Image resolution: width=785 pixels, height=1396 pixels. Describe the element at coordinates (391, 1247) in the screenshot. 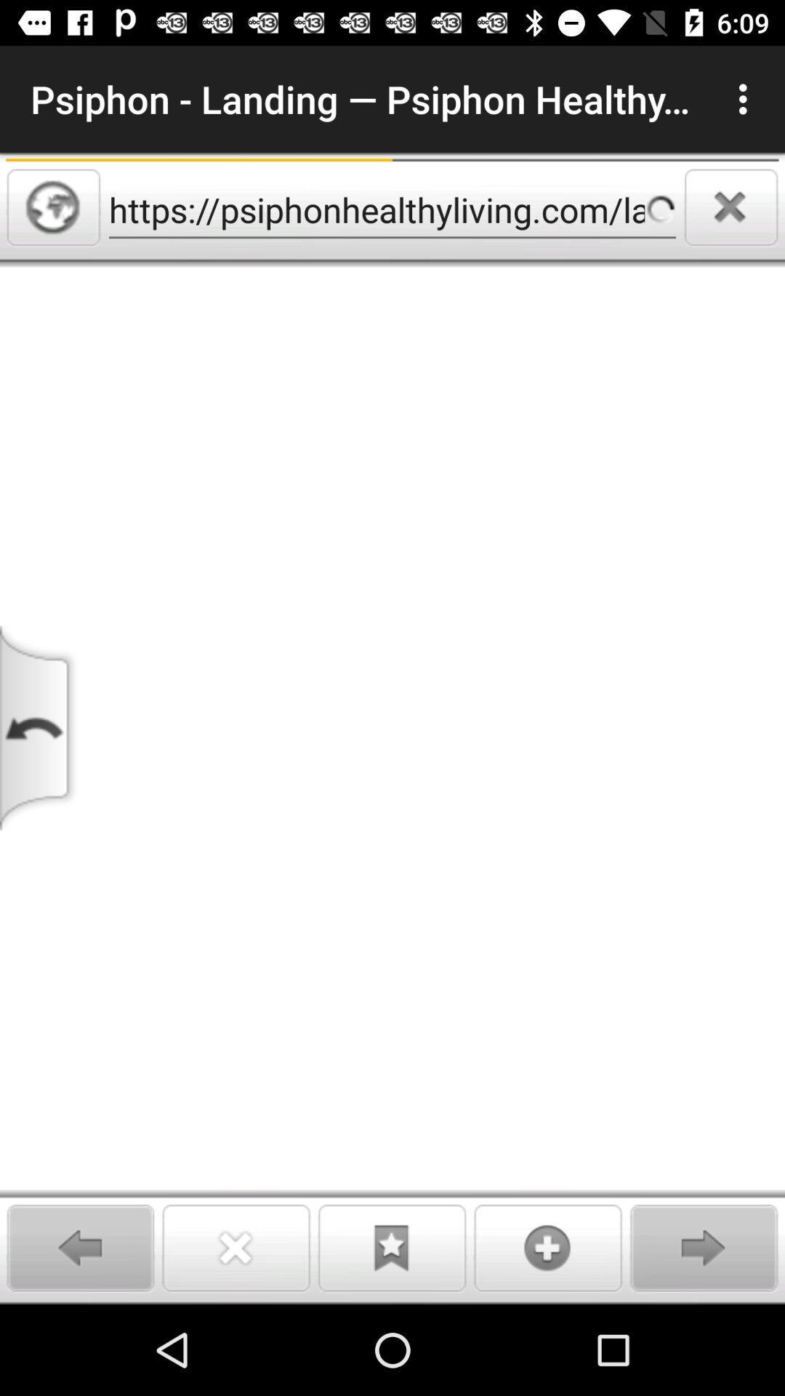

I see `to bookmarks` at that location.